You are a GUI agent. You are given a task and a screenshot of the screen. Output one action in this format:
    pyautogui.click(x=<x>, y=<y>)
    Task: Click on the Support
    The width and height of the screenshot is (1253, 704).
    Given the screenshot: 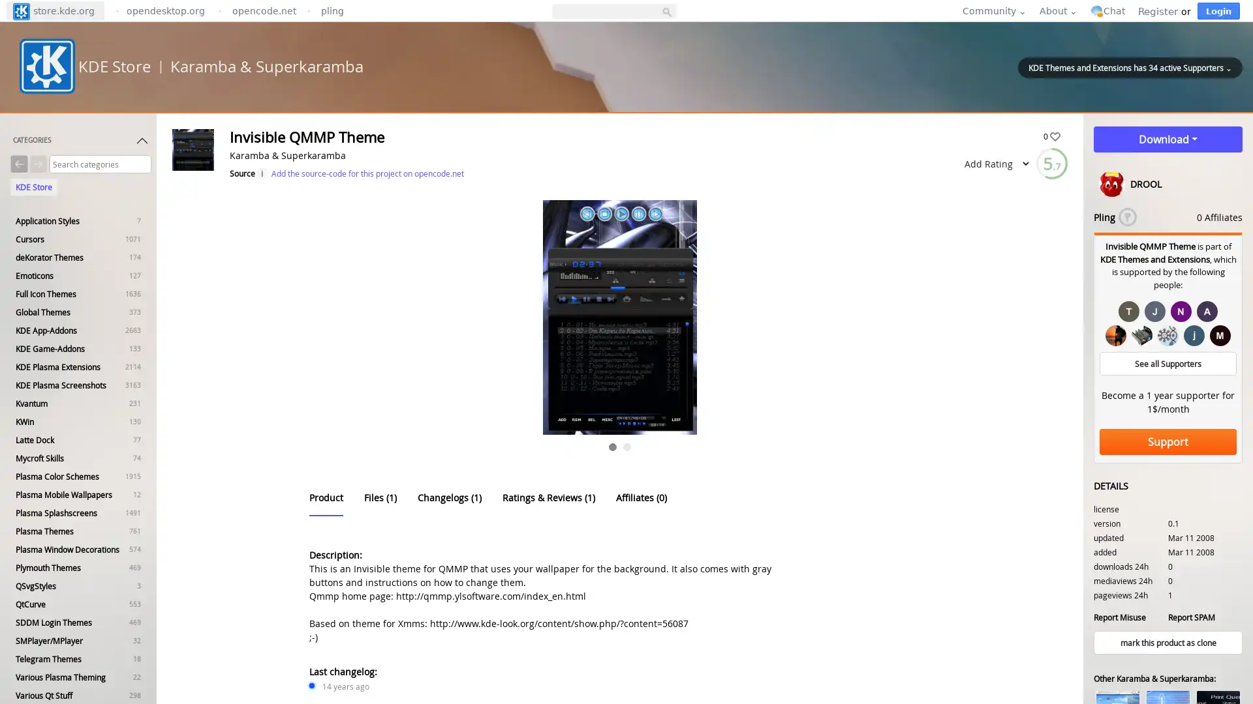 What is the action you would take?
    pyautogui.click(x=1168, y=441)
    